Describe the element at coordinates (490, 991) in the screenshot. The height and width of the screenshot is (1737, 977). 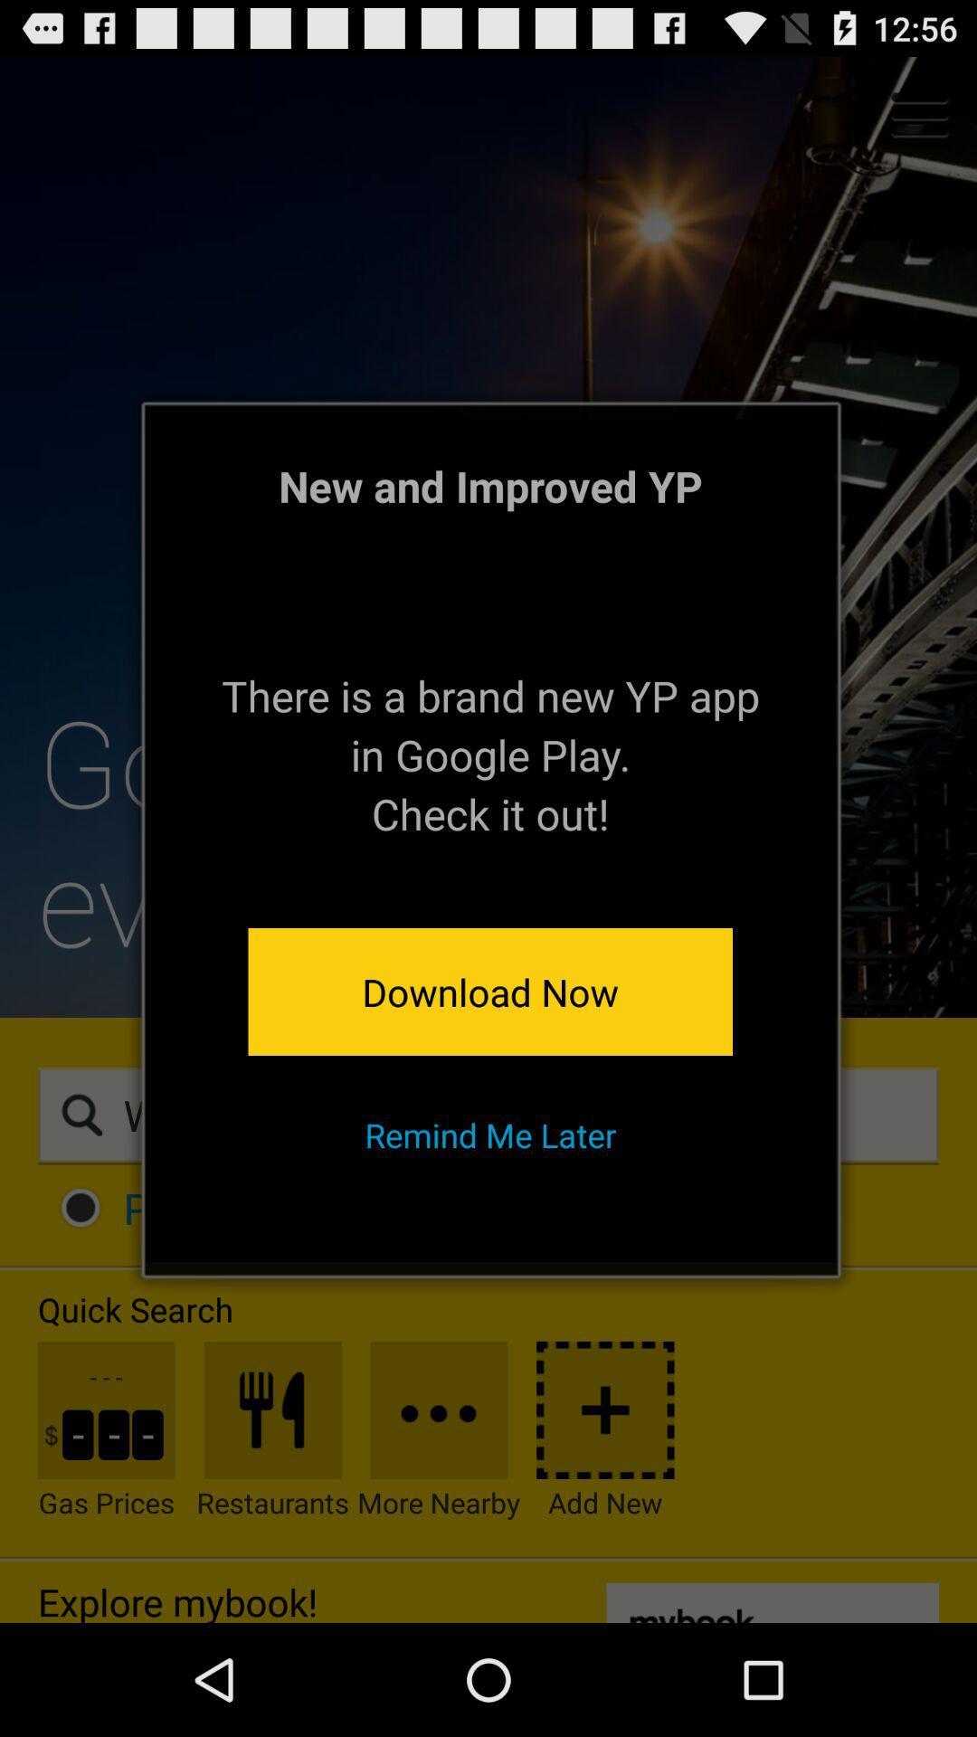
I see `app above remind me later app` at that location.